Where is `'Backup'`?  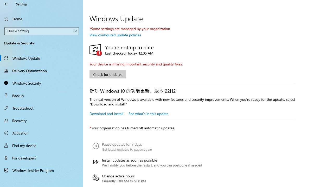 'Backup' is located at coordinates (42, 95).